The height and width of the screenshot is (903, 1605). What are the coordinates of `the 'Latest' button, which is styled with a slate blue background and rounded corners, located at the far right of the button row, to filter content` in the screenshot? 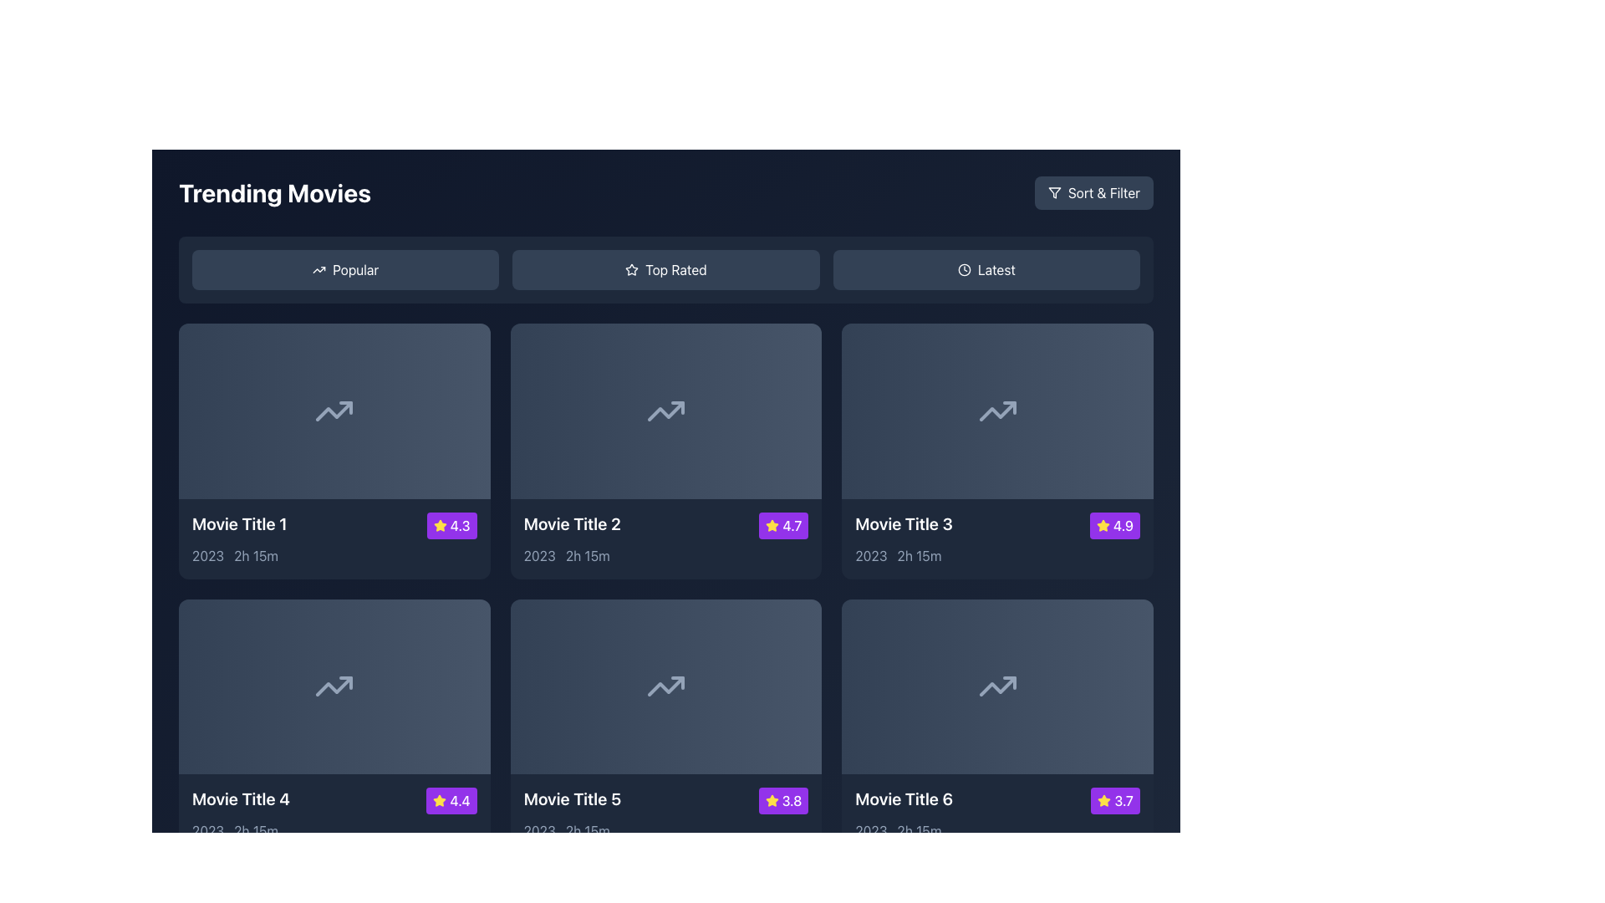 It's located at (986, 269).